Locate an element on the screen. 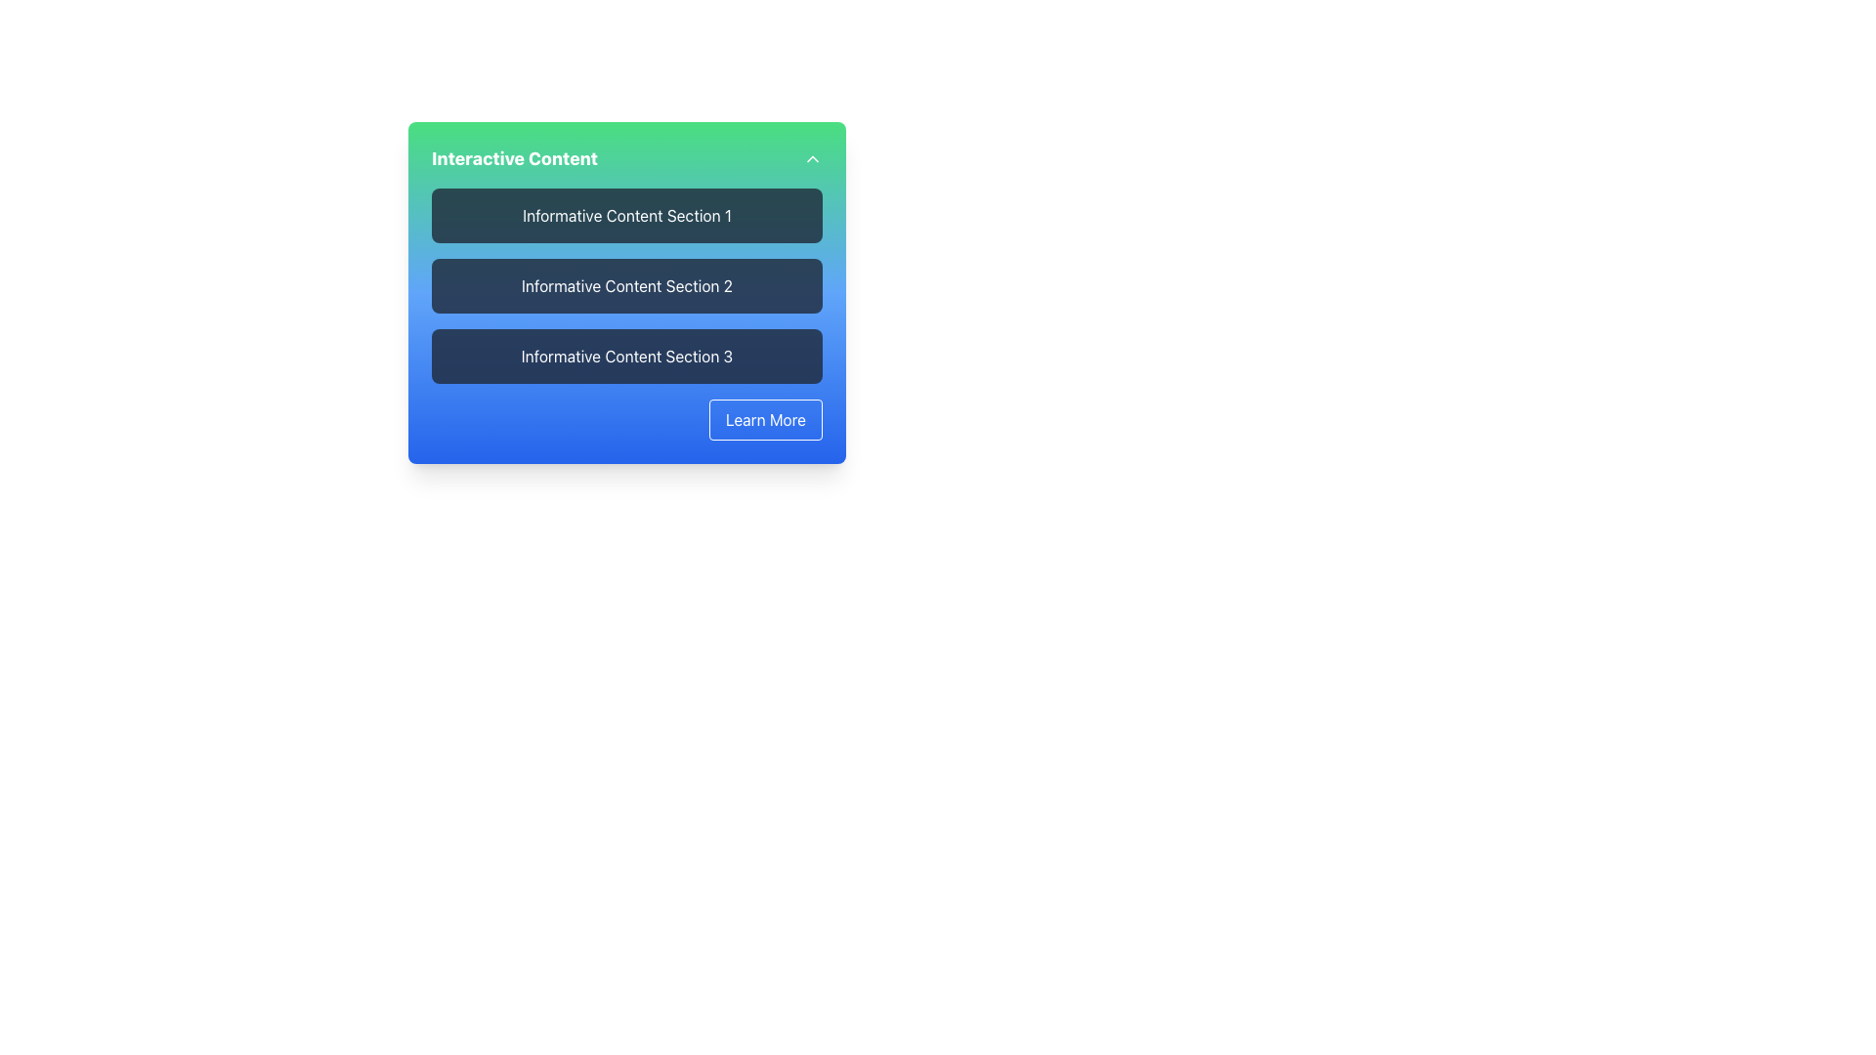  the button located at the bottom-right corner of the 'Interactive Content' box to observe the color change is located at coordinates (764, 418).